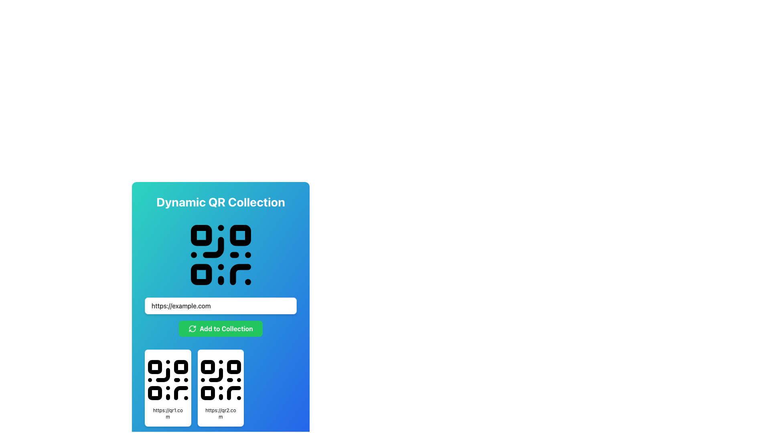 This screenshot has width=770, height=433. I want to click on the geometric segment of the QR code graphic located in the inner lower-right corner of the second QR code graphic beneath the 'Add to Collection' button, so click(215, 375).